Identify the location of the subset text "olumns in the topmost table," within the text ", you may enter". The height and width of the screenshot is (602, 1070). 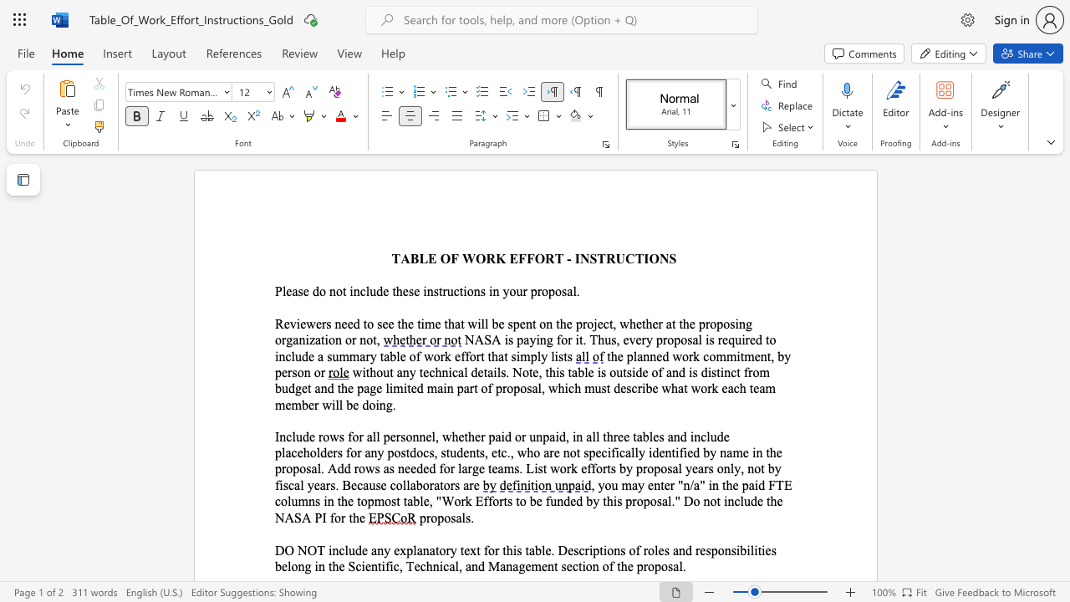
(281, 500).